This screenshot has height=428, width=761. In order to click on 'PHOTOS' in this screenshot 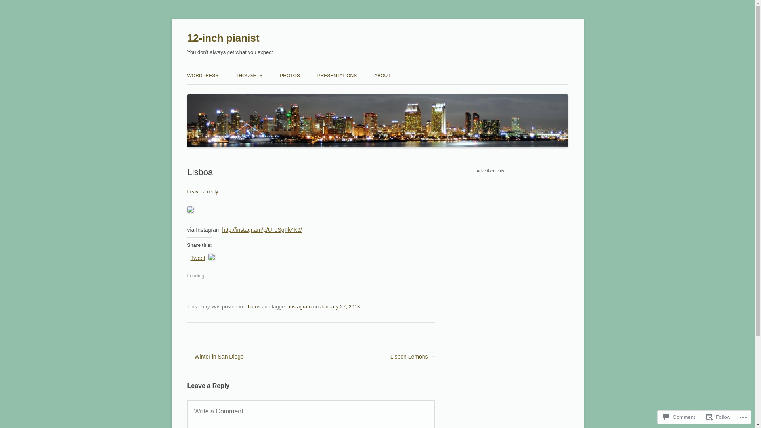, I will do `click(289, 76)`.